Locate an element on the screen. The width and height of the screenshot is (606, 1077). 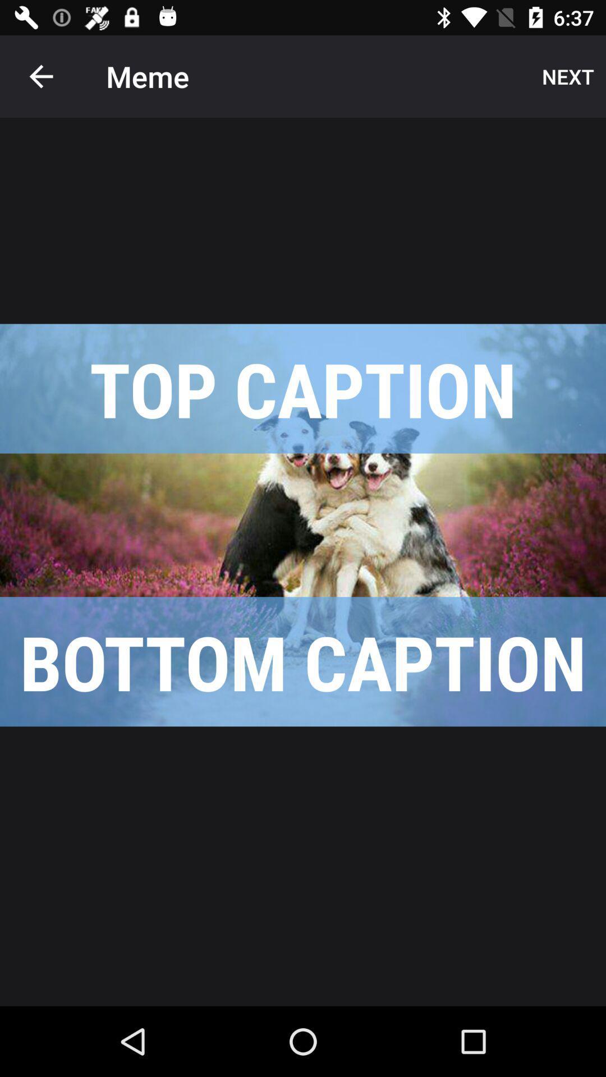
advertisement is located at coordinates (303, 524).